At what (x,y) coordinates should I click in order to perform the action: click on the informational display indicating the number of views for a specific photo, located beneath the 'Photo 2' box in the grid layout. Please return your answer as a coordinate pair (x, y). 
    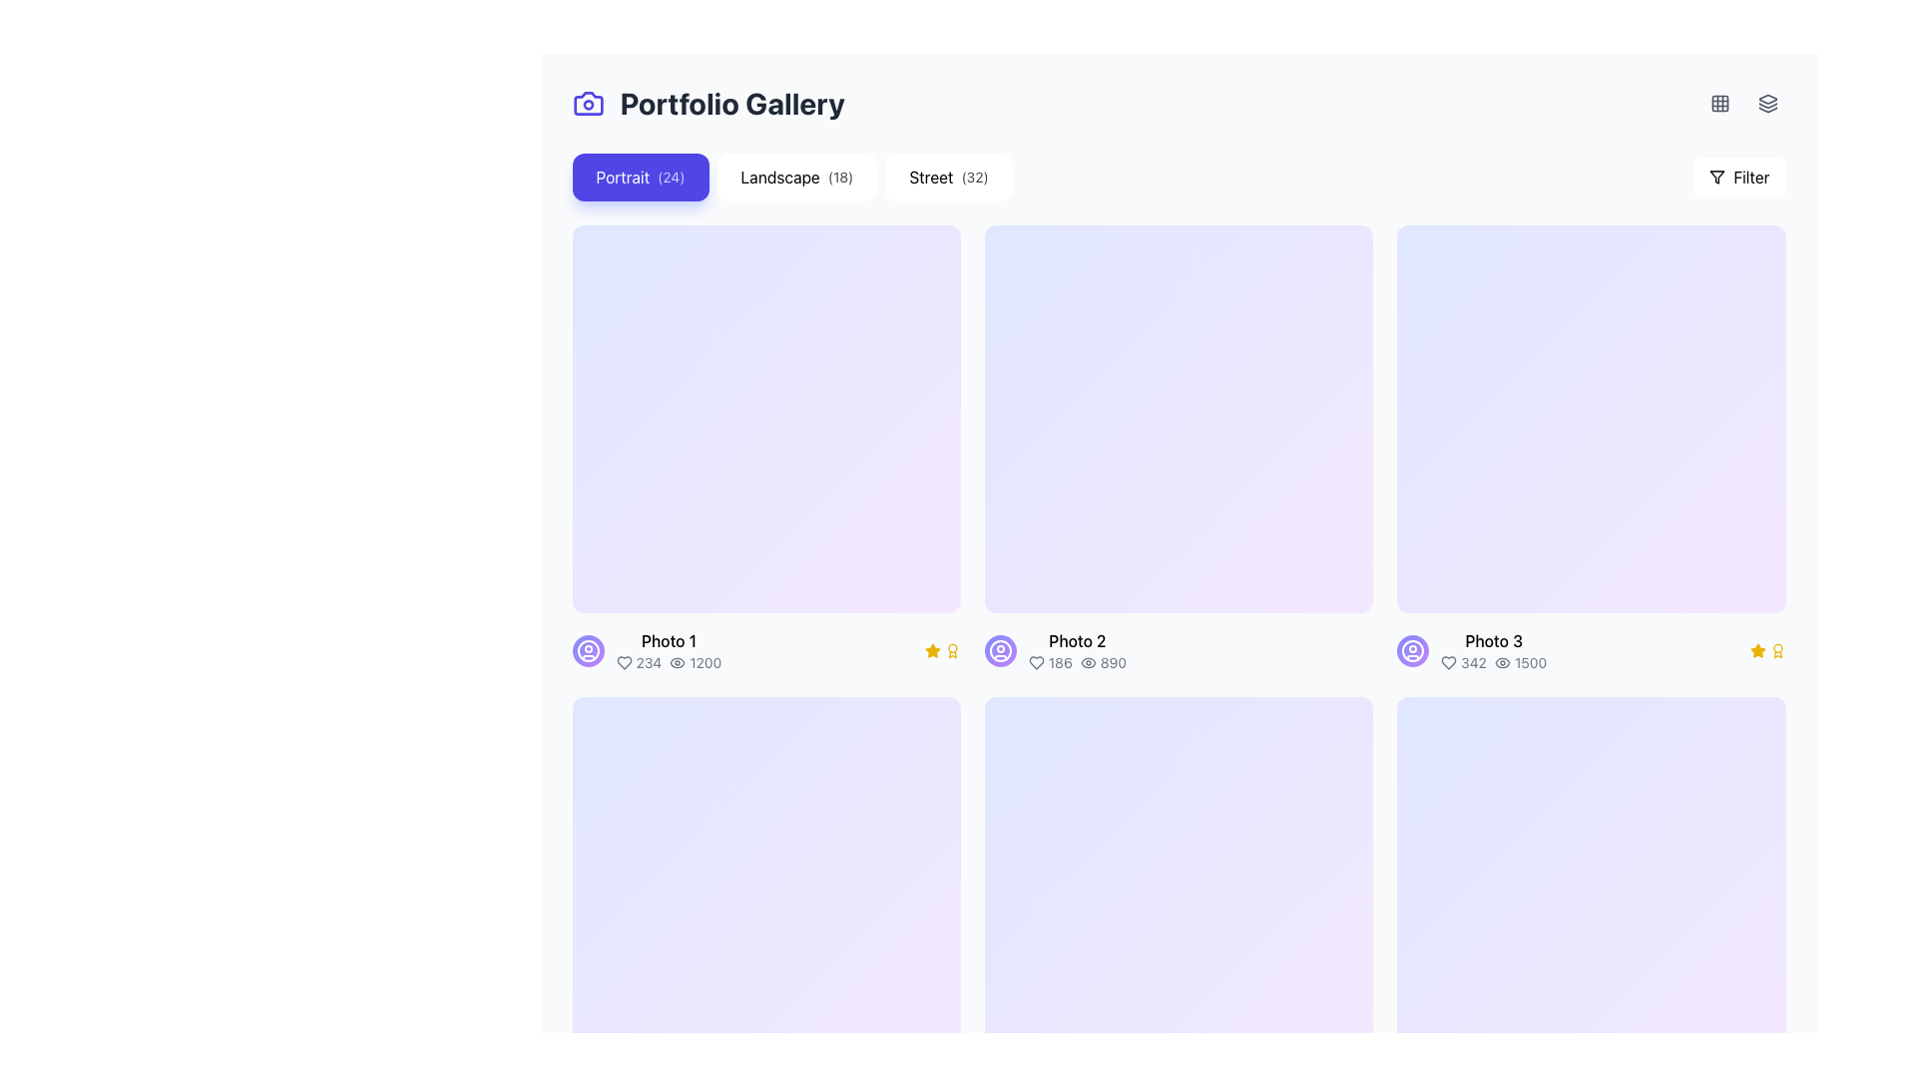
    Looking at the image, I should click on (1102, 663).